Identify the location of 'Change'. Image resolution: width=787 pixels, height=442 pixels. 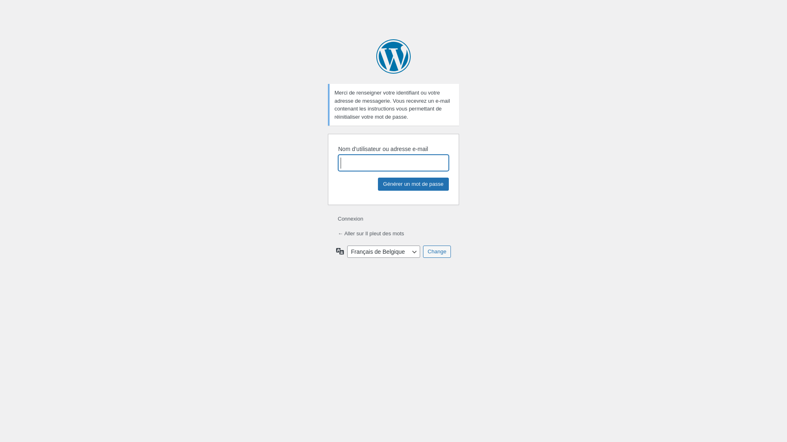
(423, 251).